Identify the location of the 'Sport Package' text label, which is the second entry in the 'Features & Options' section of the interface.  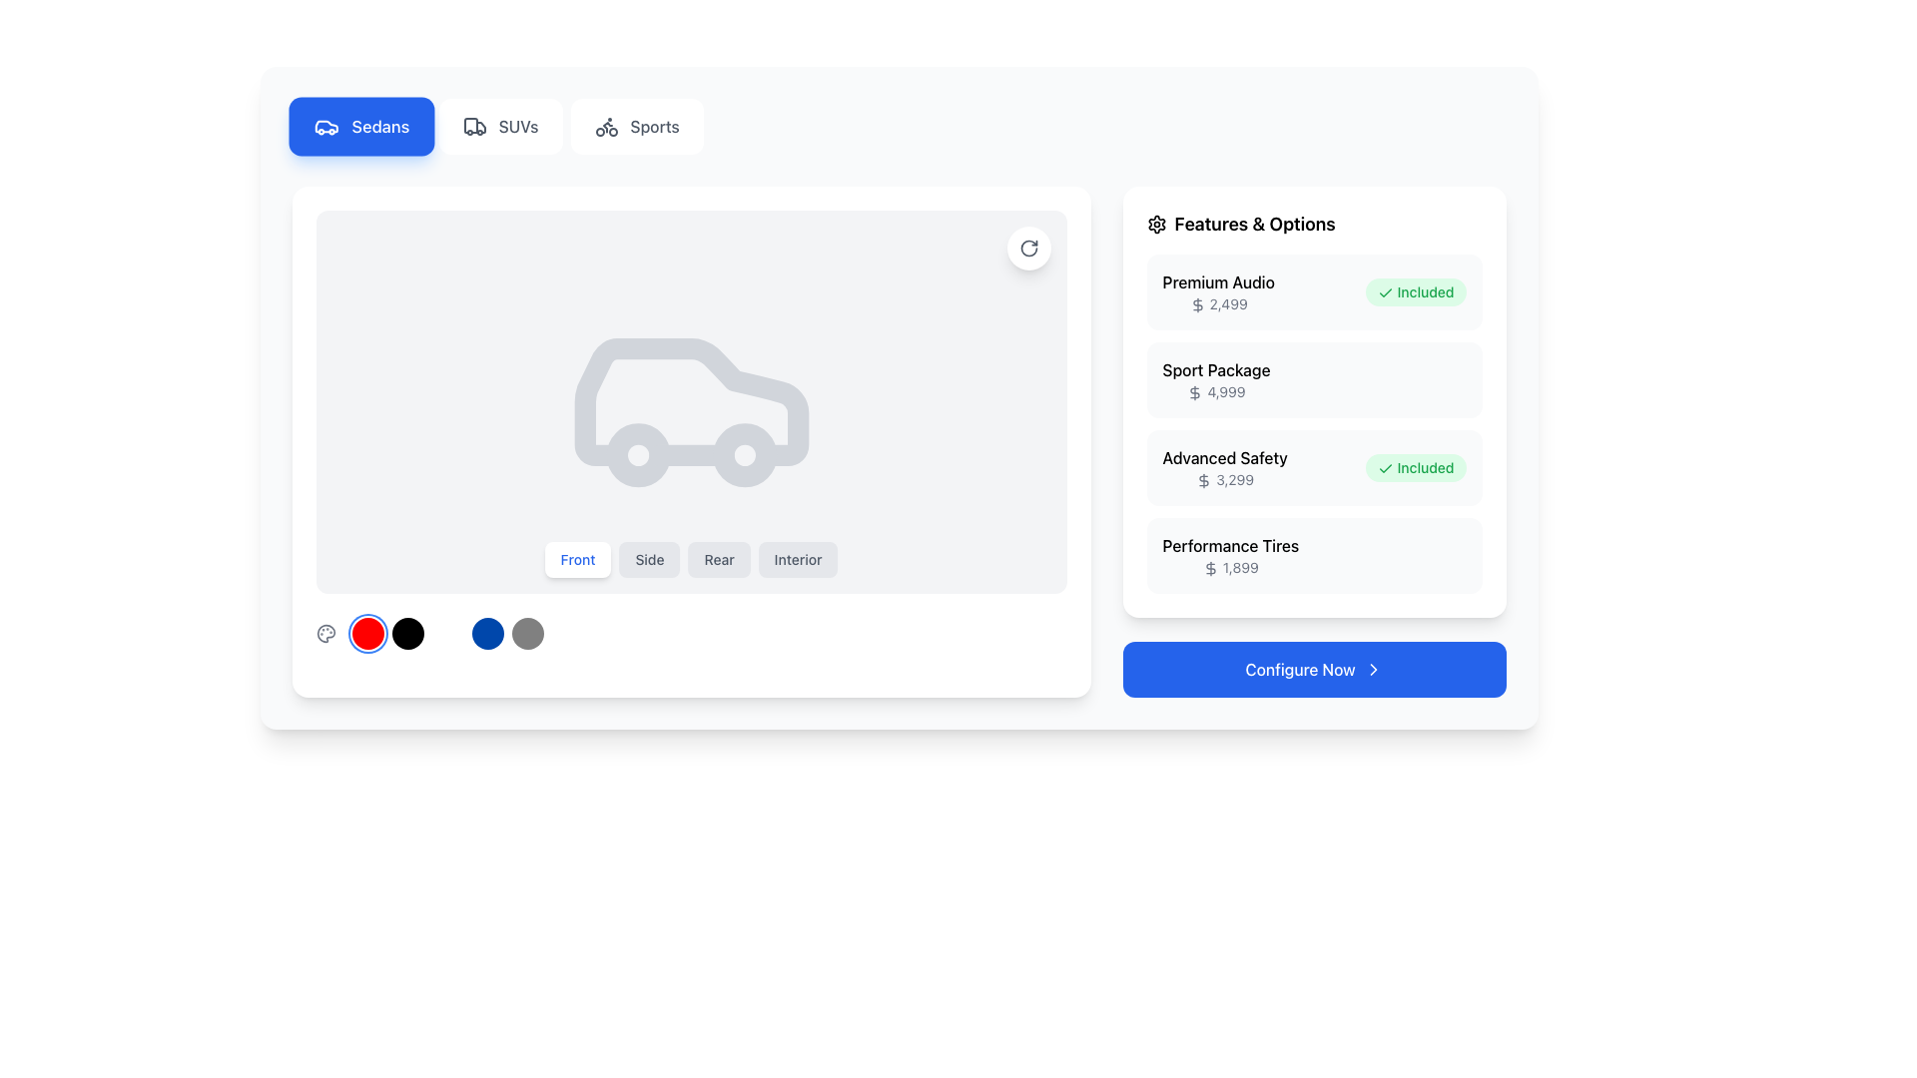
(1215, 369).